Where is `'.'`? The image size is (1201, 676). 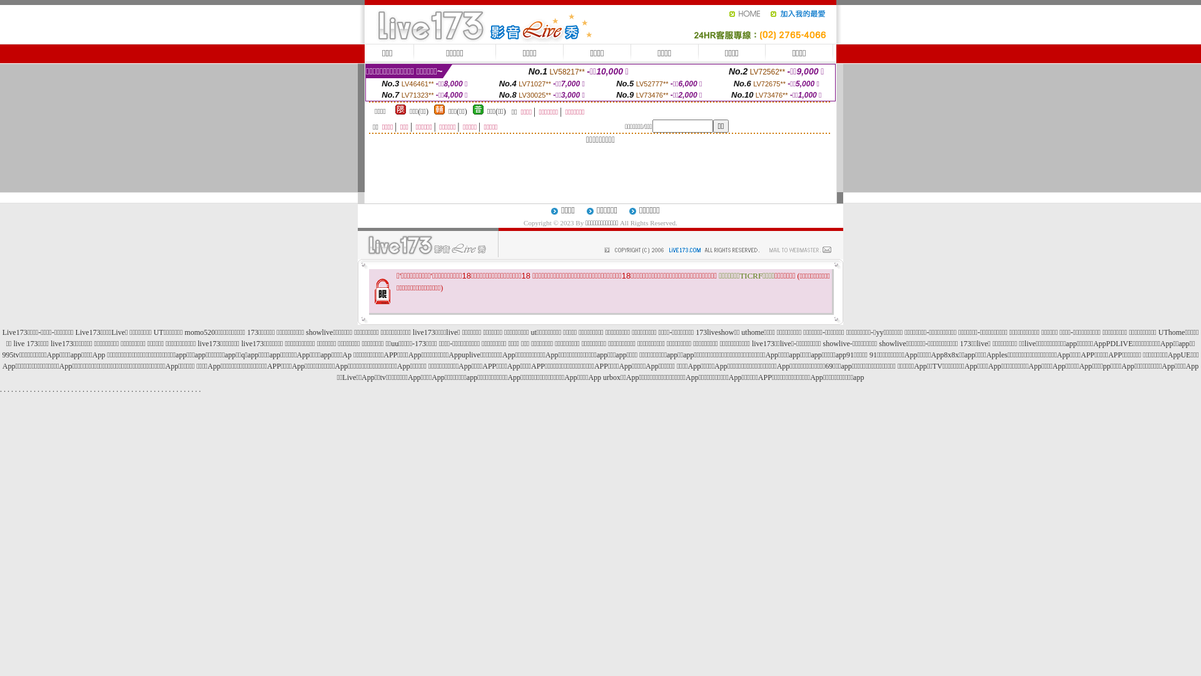 '.' is located at coordinates (184, 388).